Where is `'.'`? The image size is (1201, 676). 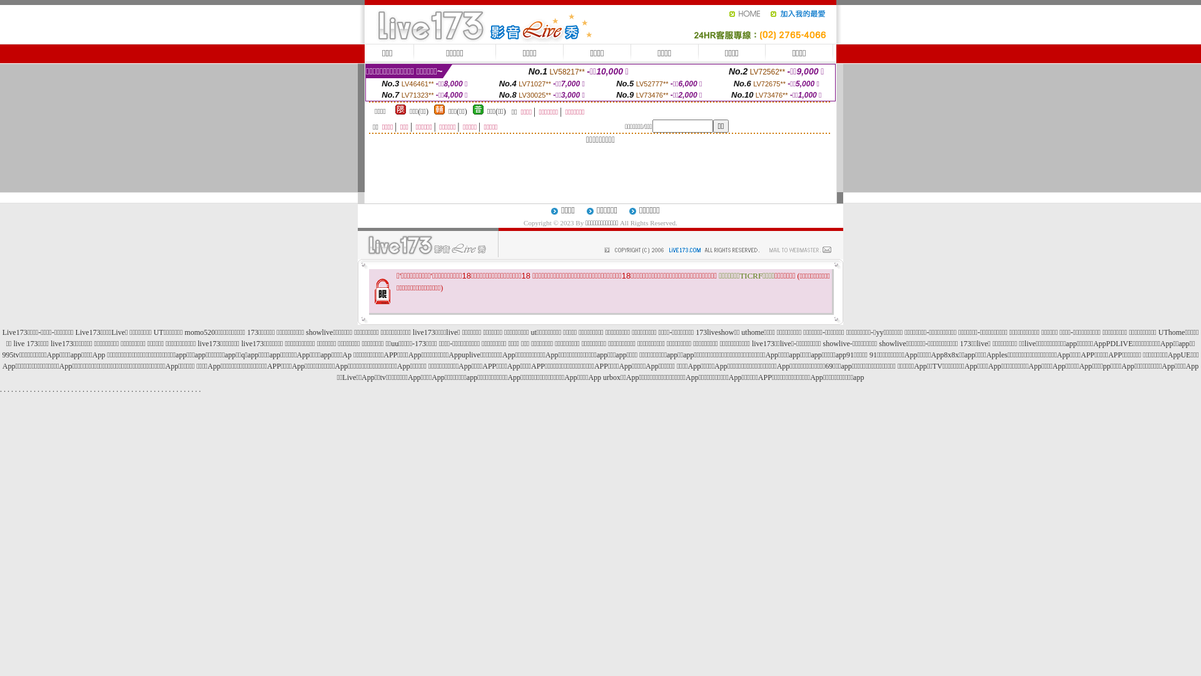 '.' is located at coordinates (184, 388).